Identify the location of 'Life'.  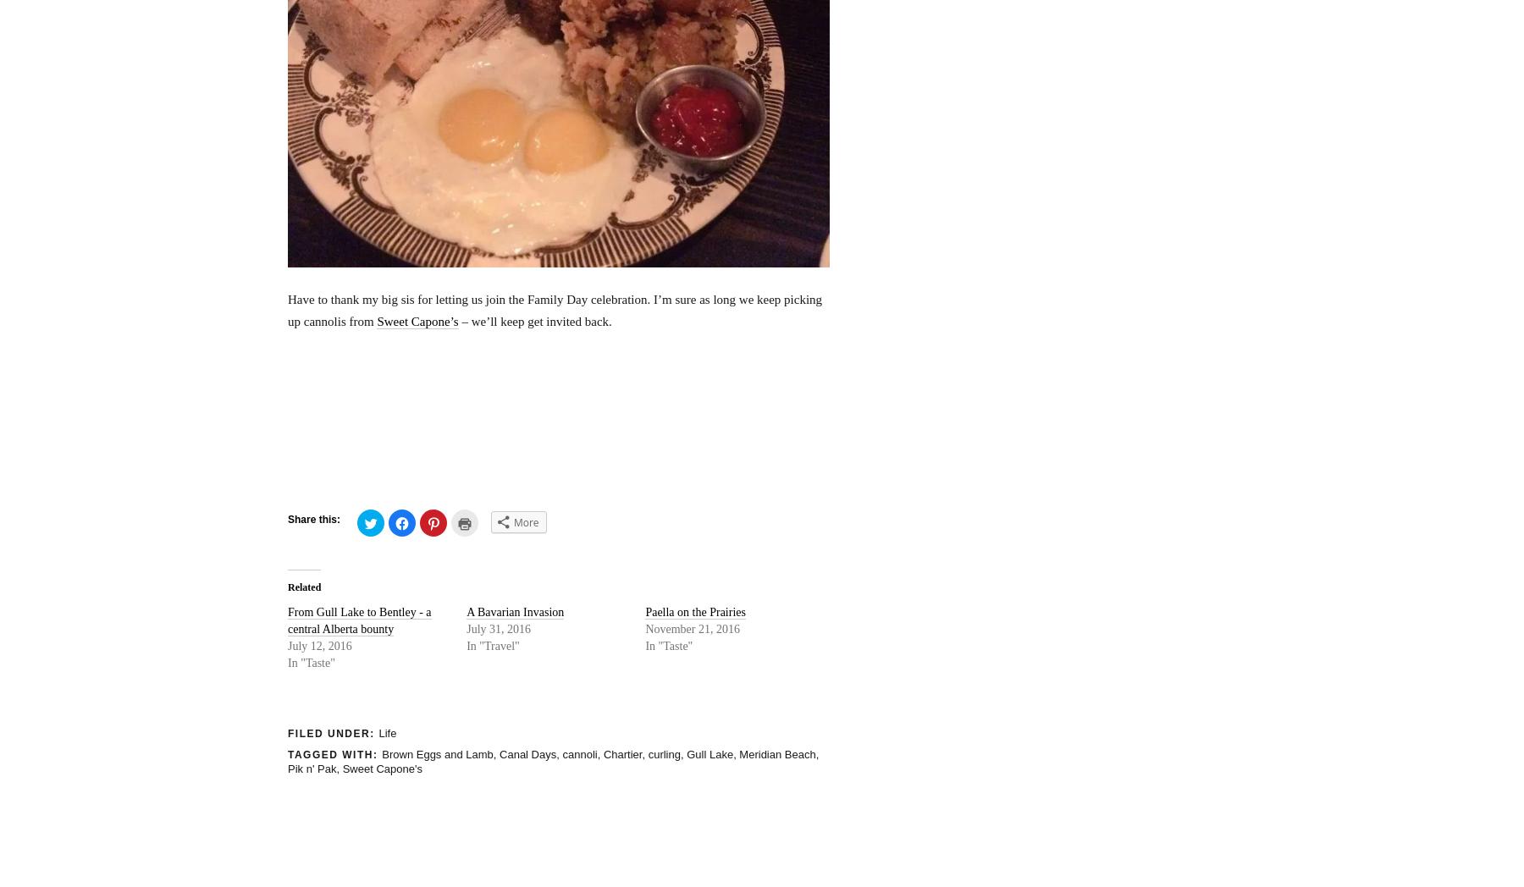
(386, 733).